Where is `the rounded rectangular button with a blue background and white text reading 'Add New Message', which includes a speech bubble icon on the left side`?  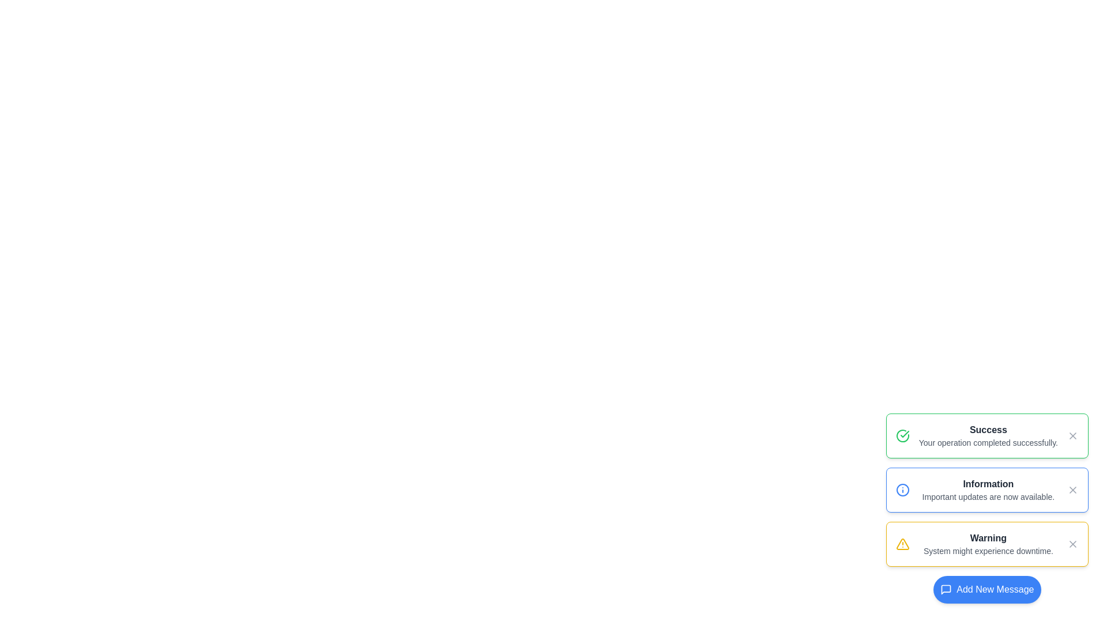 the rounded rectangular button with a blue background and white text reading 'Add New Message', which includes a speech bubble icon on the left side is located at coordinates (986, 589).